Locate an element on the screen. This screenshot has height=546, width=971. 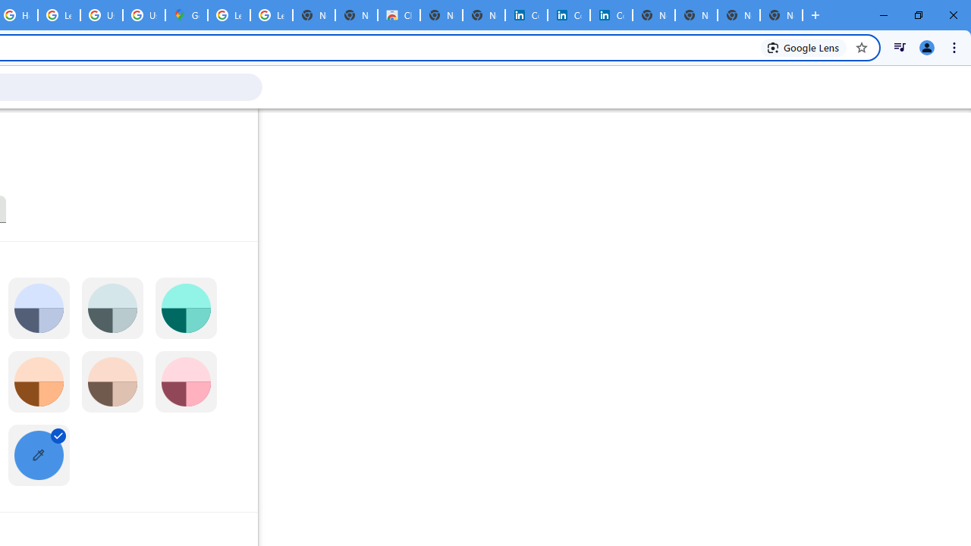
'Cookie Policy | LinkedIn' is located at coordinates (568, 15).